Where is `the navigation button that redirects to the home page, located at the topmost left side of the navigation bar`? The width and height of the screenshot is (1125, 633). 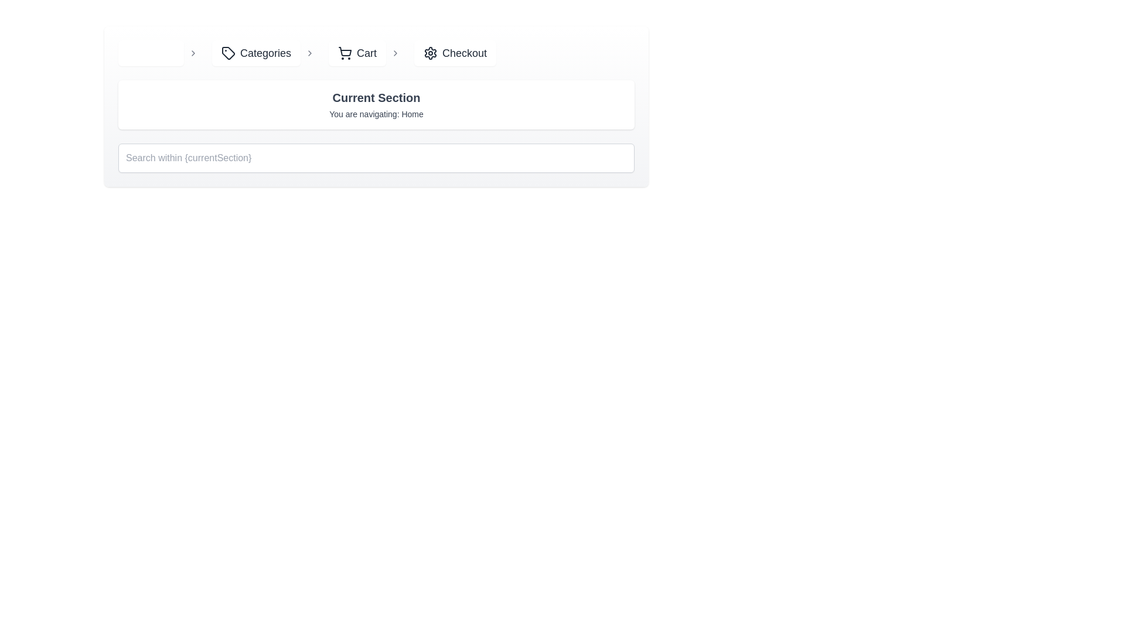
the navigation button that redirects to the home page, located at the topmost left side of the navigation bar is located at coordinates (159, 53).